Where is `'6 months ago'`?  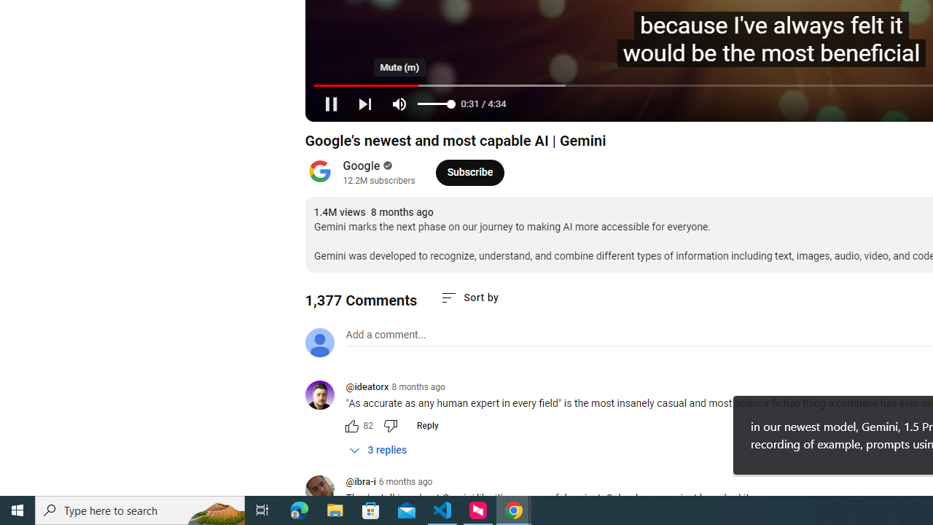
'6 months ago' is located at coordinates (405, 482).